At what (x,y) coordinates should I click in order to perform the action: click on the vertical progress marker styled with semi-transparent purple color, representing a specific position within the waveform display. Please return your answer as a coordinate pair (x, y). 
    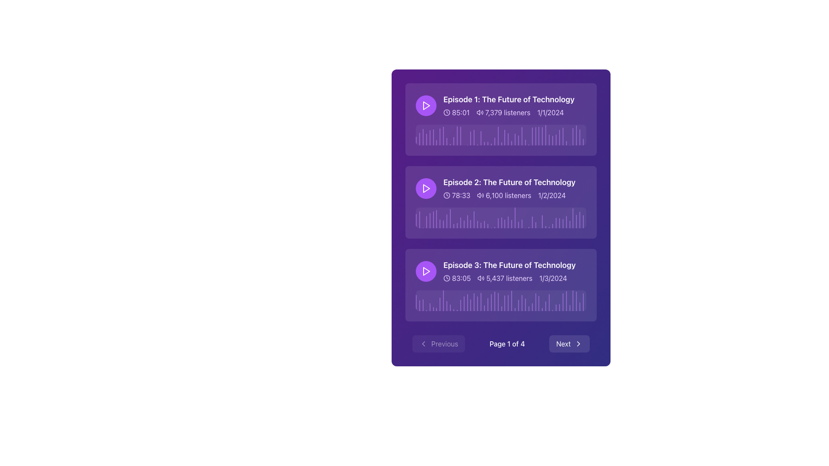
    Looking at the image, I should click on (559, 137).